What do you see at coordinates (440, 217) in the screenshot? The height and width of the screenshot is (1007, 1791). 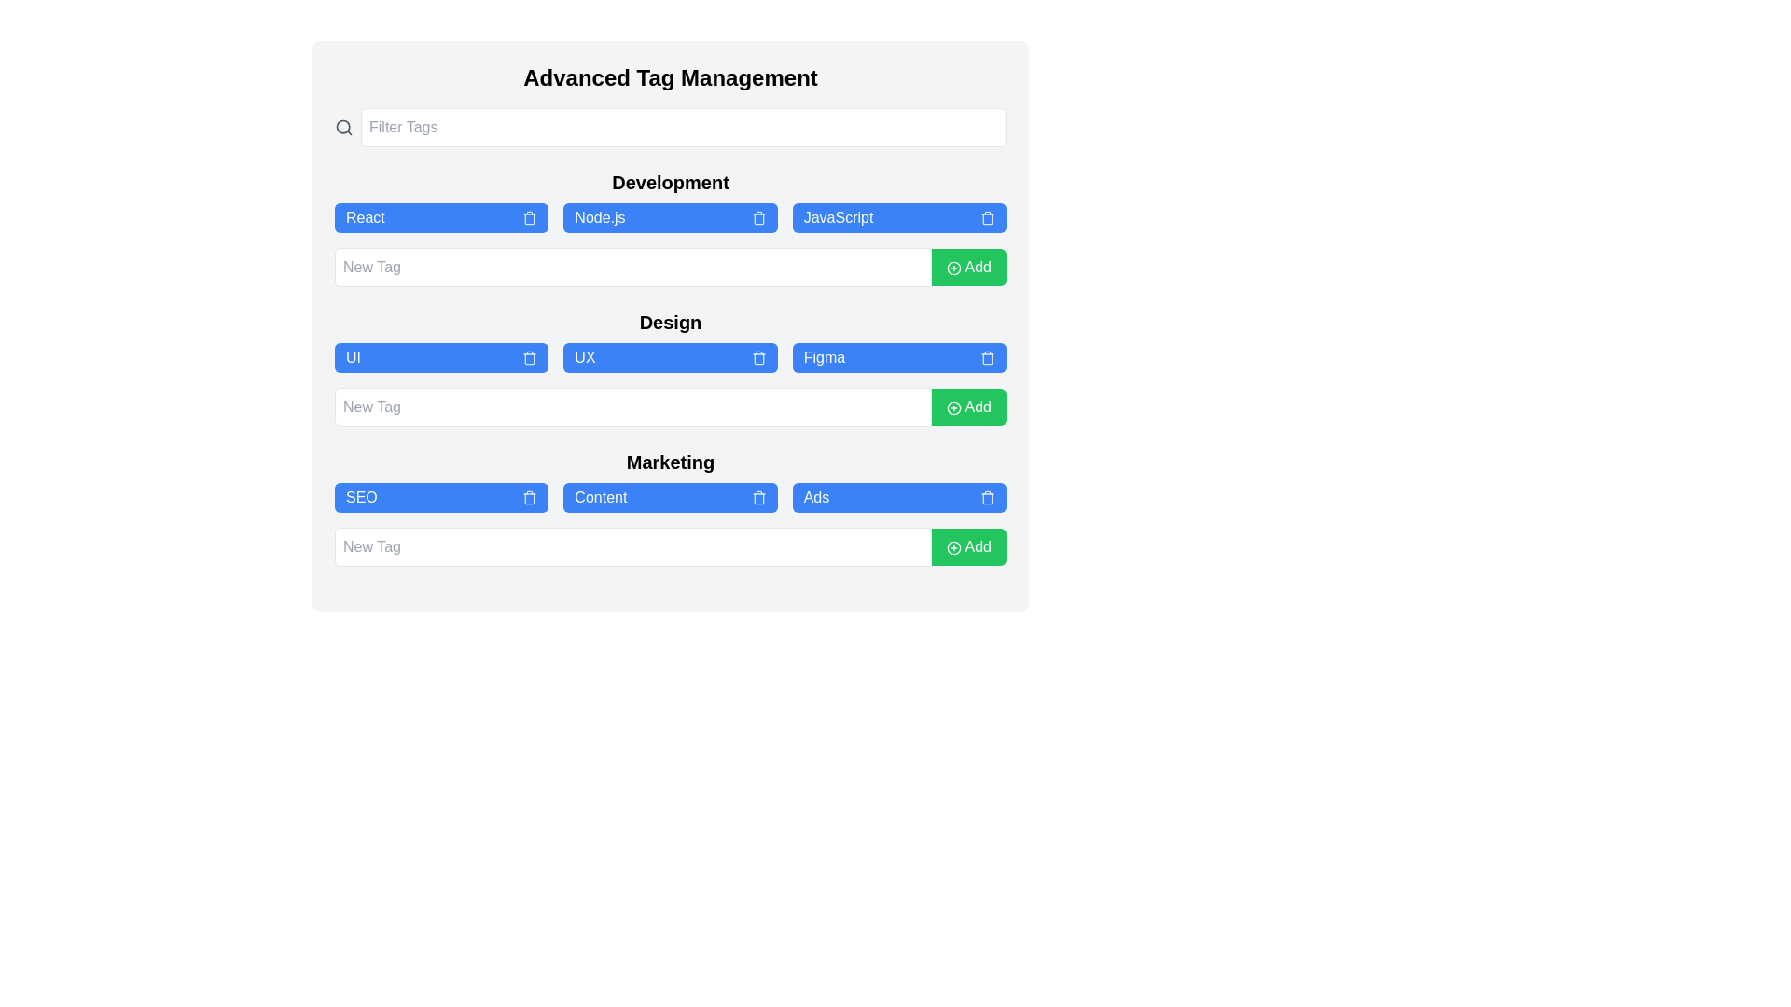 I see `the 'React' tag button located in the 'Development' section` at bounding box center [440, 217].